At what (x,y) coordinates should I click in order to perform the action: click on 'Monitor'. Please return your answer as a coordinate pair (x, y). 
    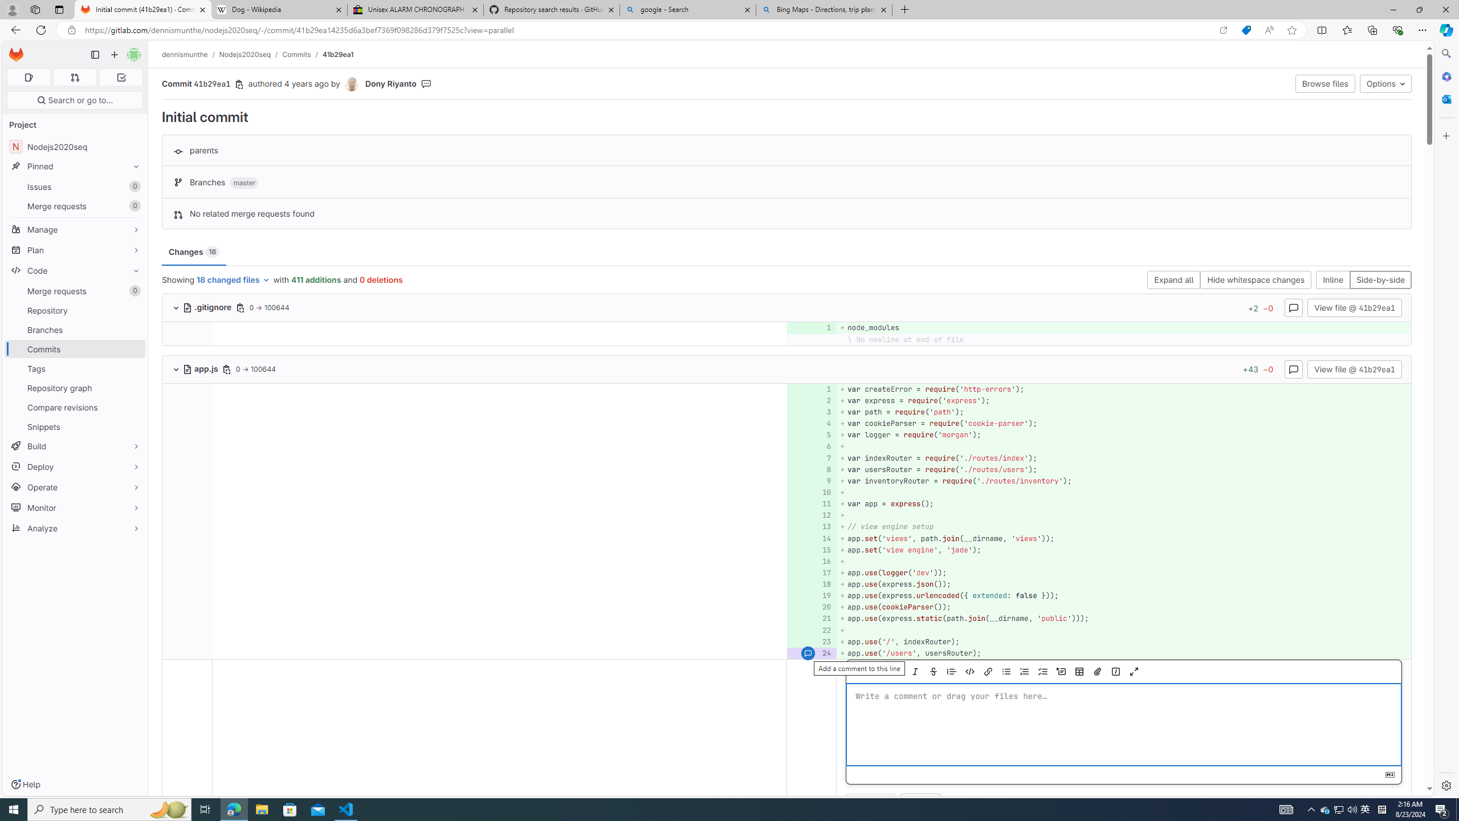
    Looking at the image, I should click on (74, 507).